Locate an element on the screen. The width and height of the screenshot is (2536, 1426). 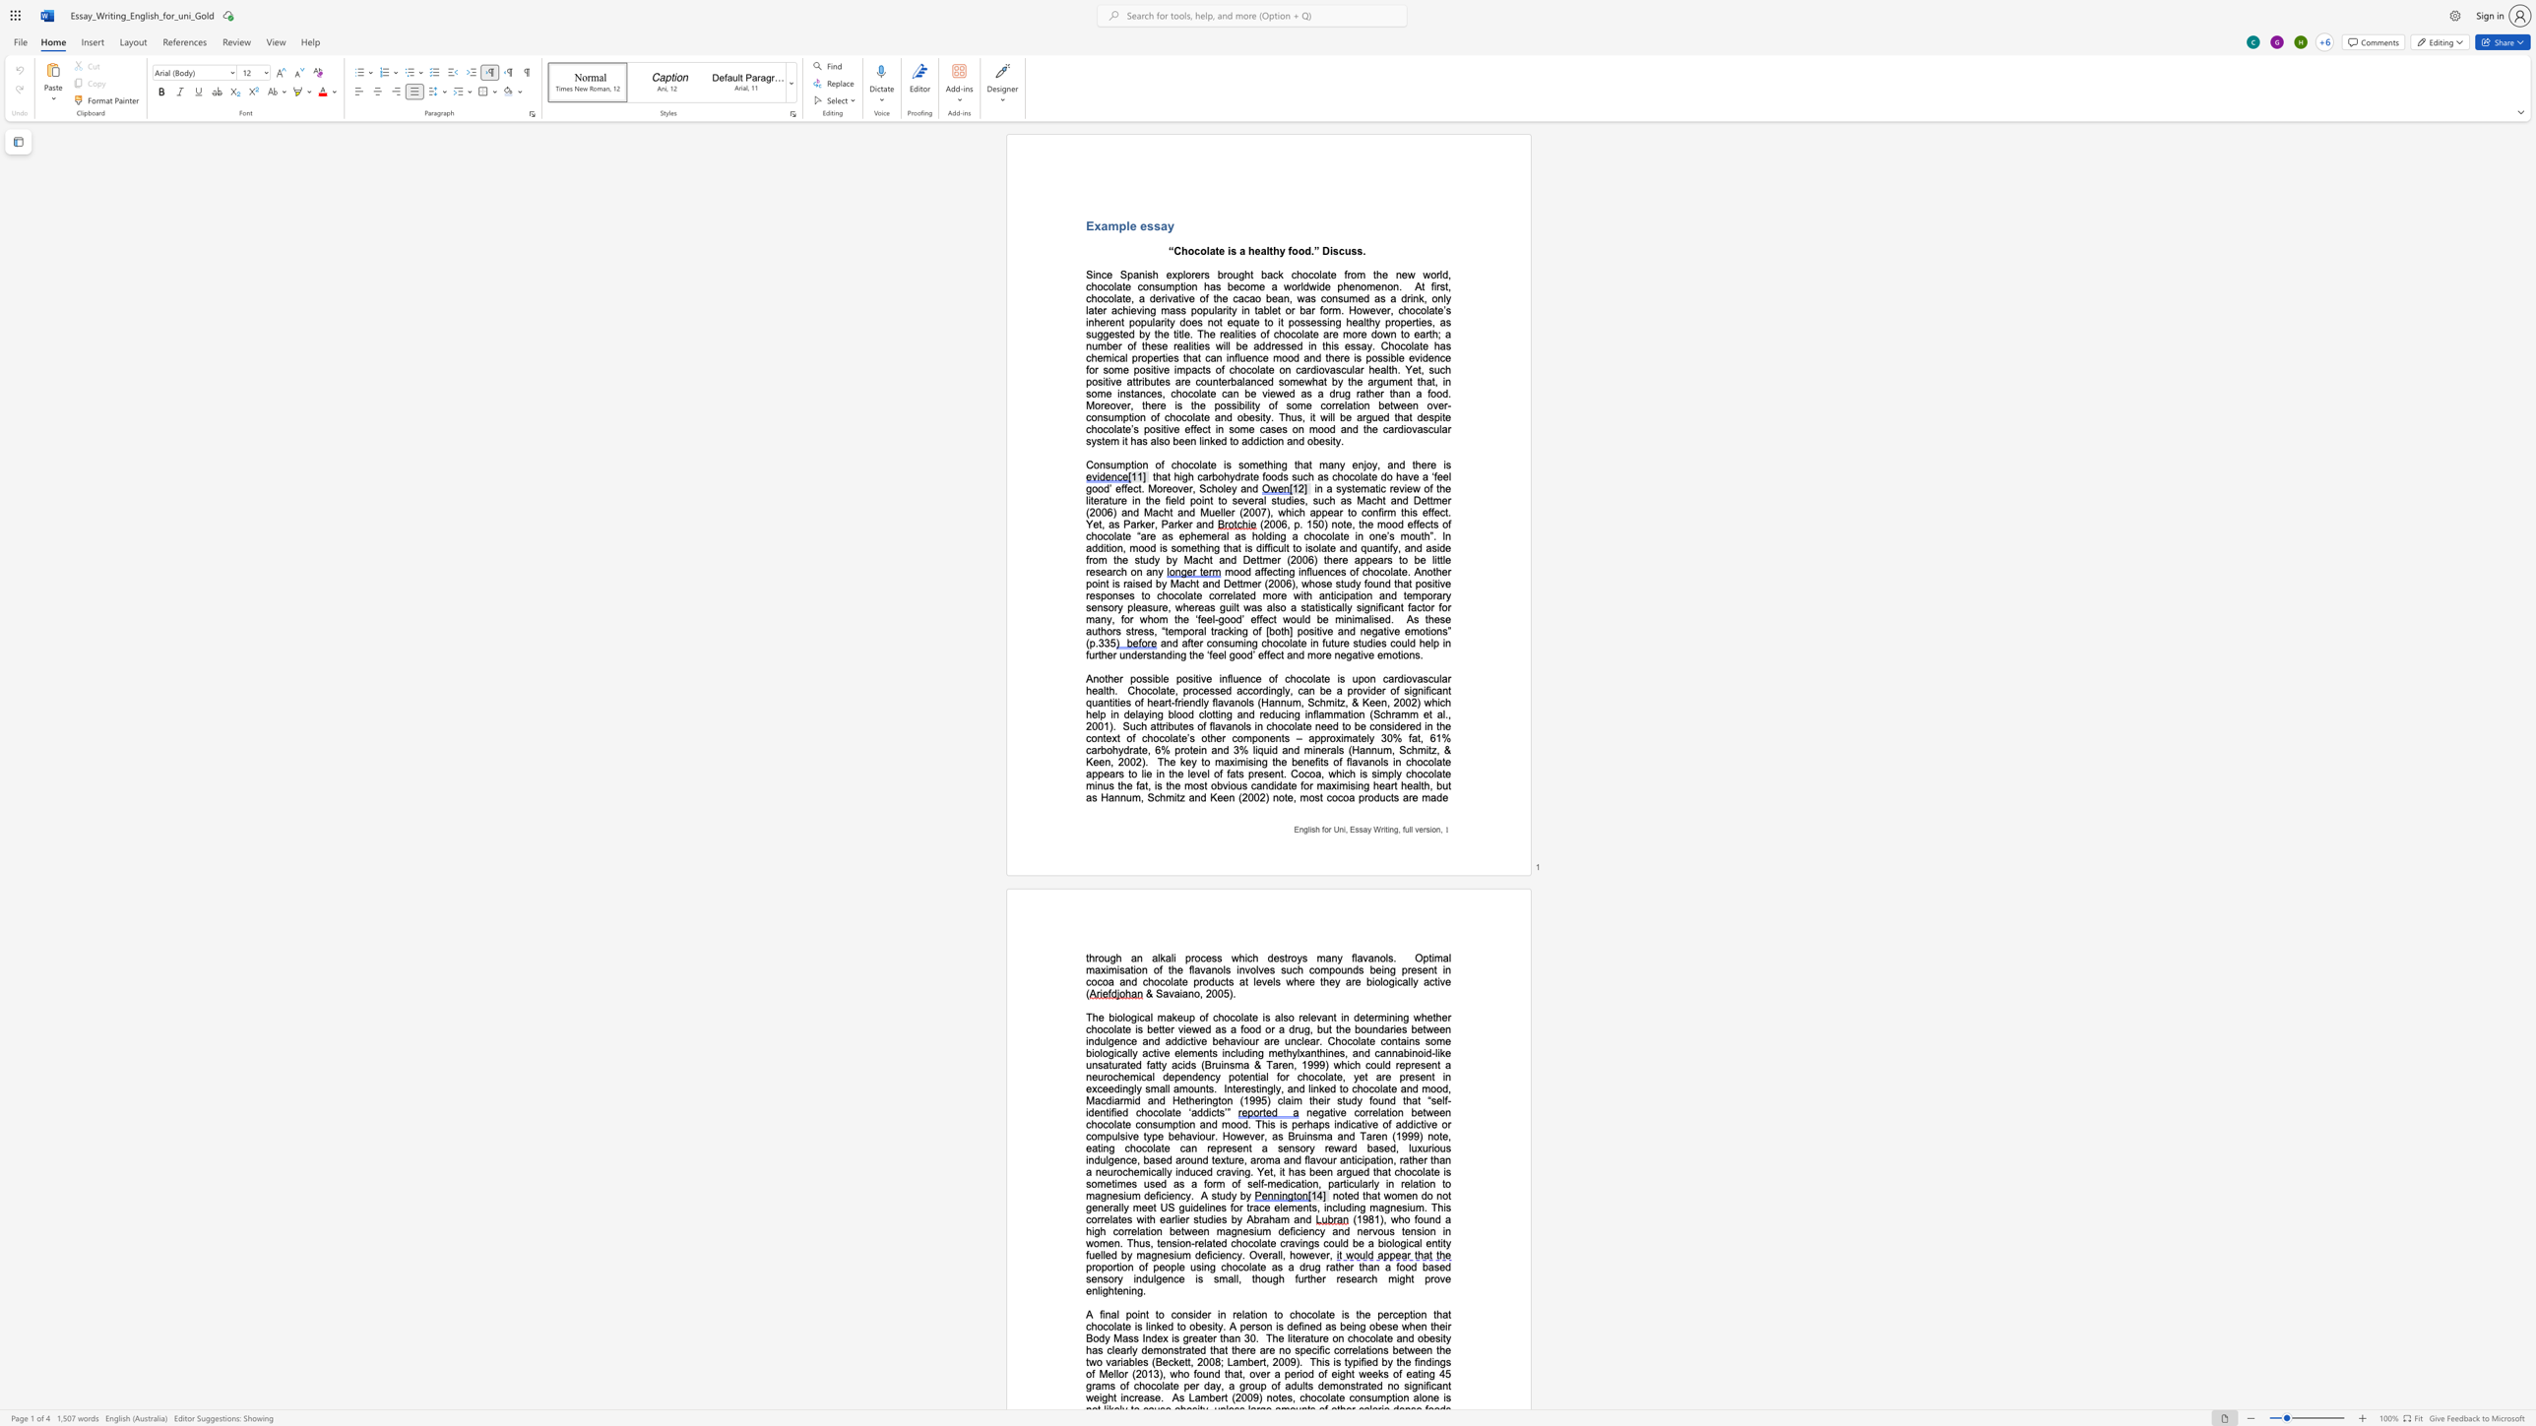
the space between the continuous character "m" and "e" in the text is located at coordinates (1298, 381).